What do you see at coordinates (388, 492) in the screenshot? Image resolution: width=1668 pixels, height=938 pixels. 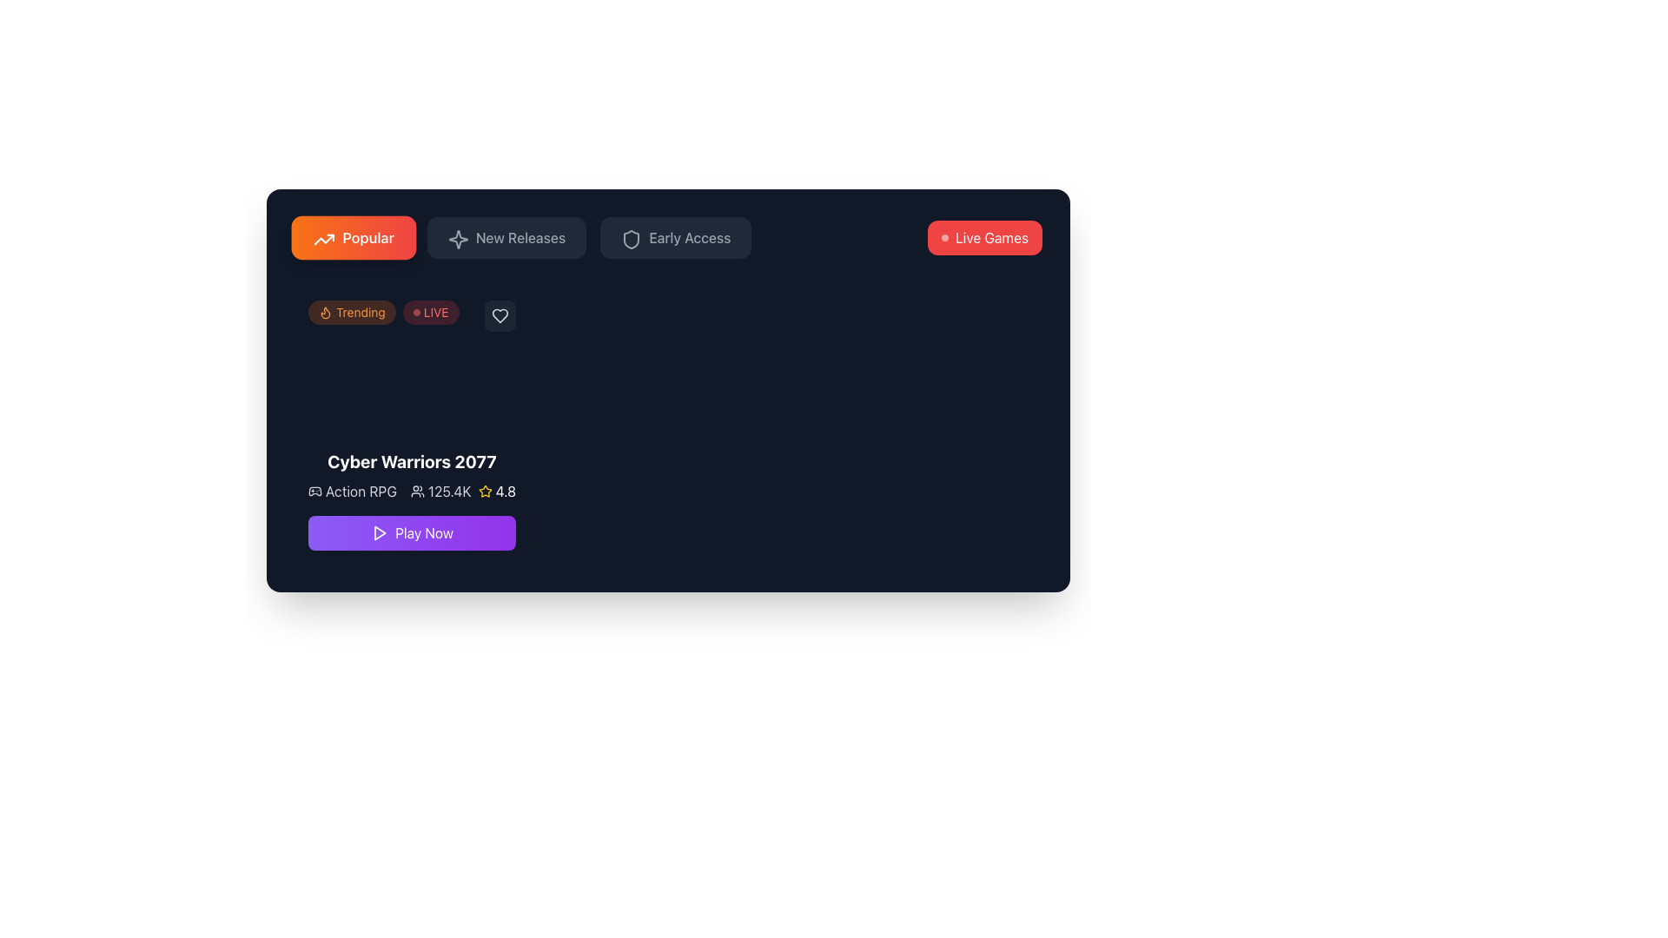 I see `the text label indicating the genre 'Action RPG' located at the leftmost side of the card component titled 'Cyber Warriors 2077'` at bounding box center [388, 492].